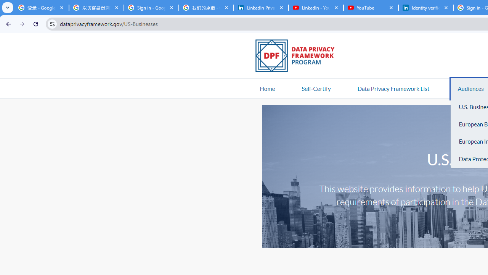  What do you see at coordinates (261, 8) in the screenshot?
I see `'LinkedIn Privacy Policy'` at bounding box center [261, 8].